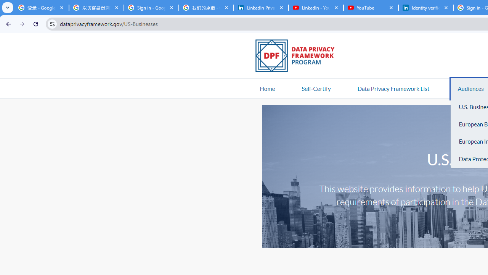  What do you see at coordinates (261, 8) in the screenshot?
I see `'LinkedIn Privacy Policy'` at bounding box center [261, 8].